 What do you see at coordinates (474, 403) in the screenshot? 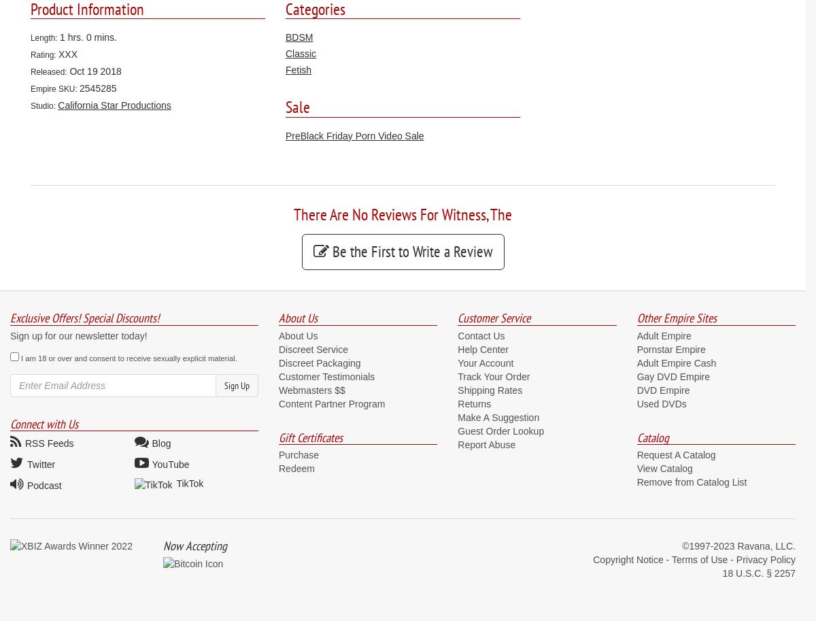
I see `'Returns'` at bounding box center [474, 403].